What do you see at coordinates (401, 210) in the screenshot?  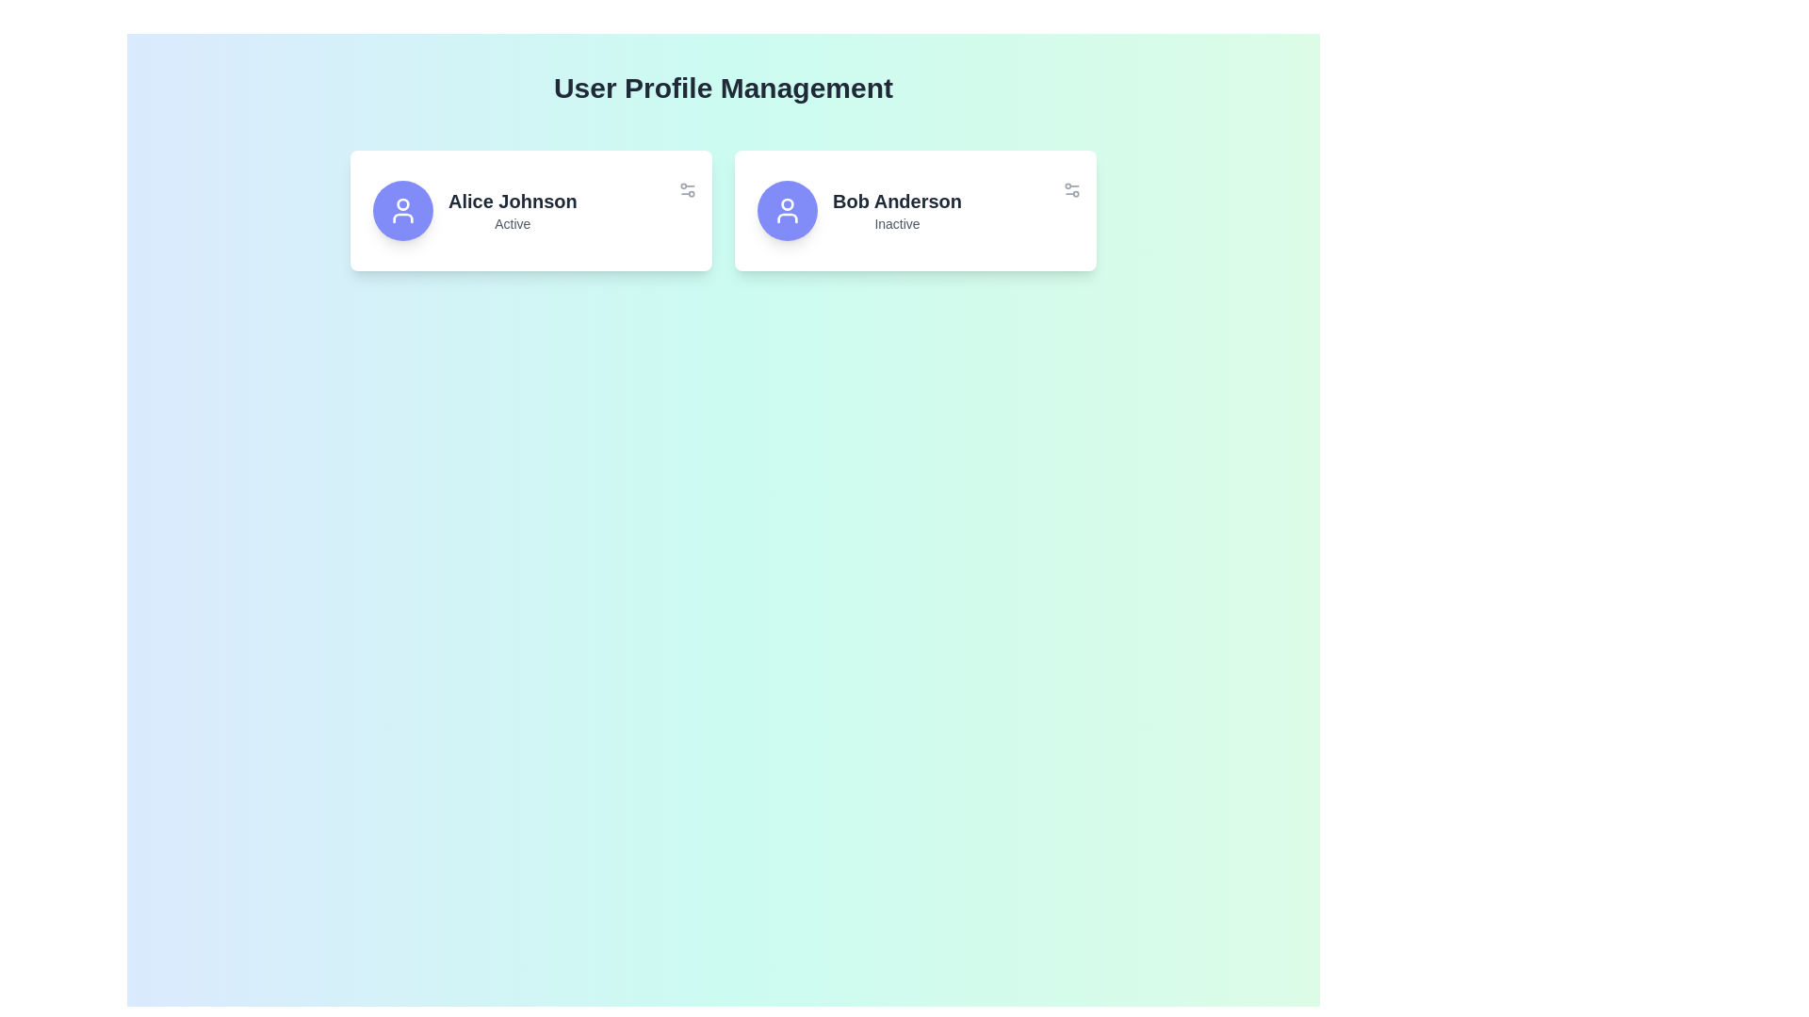 I see `the circular purple user icon representing 'Alice Johnson' to identify the user` at bounding box center [401, 210].